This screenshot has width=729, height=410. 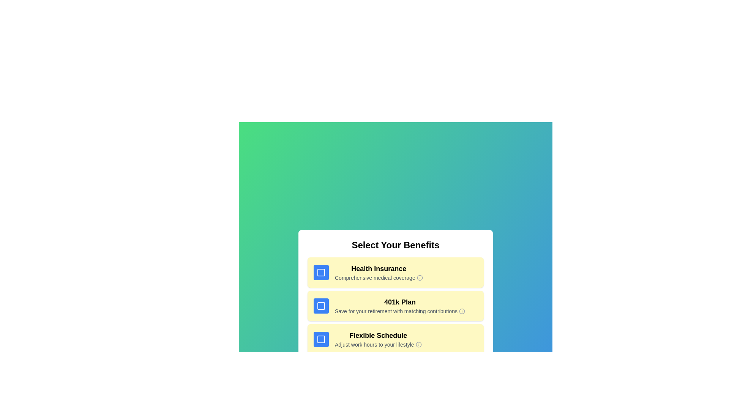 What do you see at coordinates (321, 272) in the screenshot?
I see `the checkbox for the benefit titled Health Insurance` at bounding box center [321, 272].